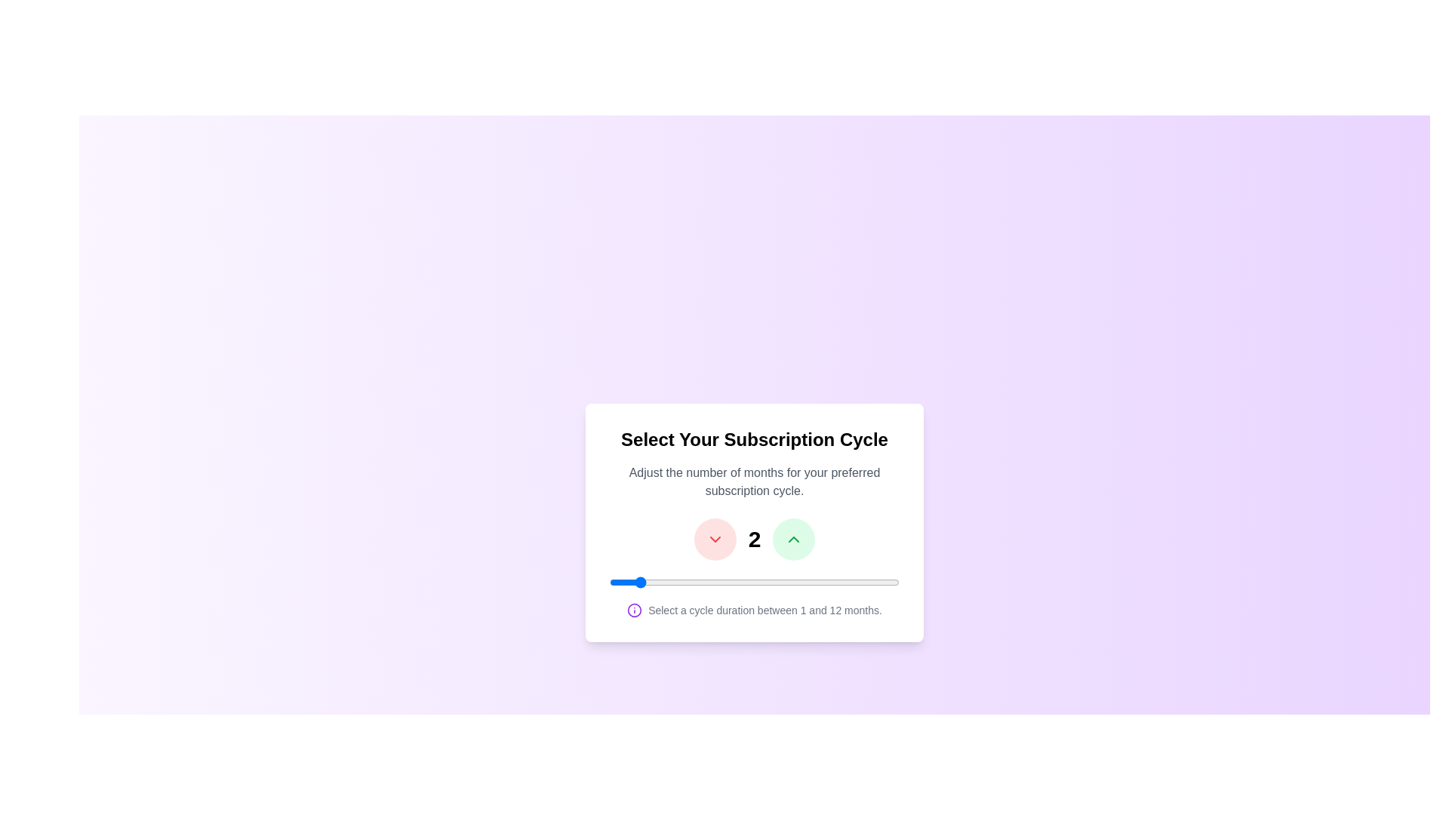 The image size is (1449, 815). I want to click on the downward-pointing chevron arrow icon inside the circular button with a red background, so click(714, 538).